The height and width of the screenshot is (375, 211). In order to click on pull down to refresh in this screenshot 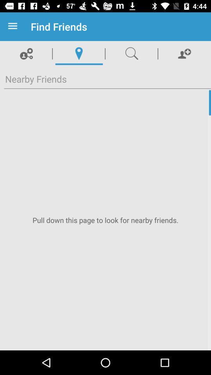, I will do `click(105, 220)`.